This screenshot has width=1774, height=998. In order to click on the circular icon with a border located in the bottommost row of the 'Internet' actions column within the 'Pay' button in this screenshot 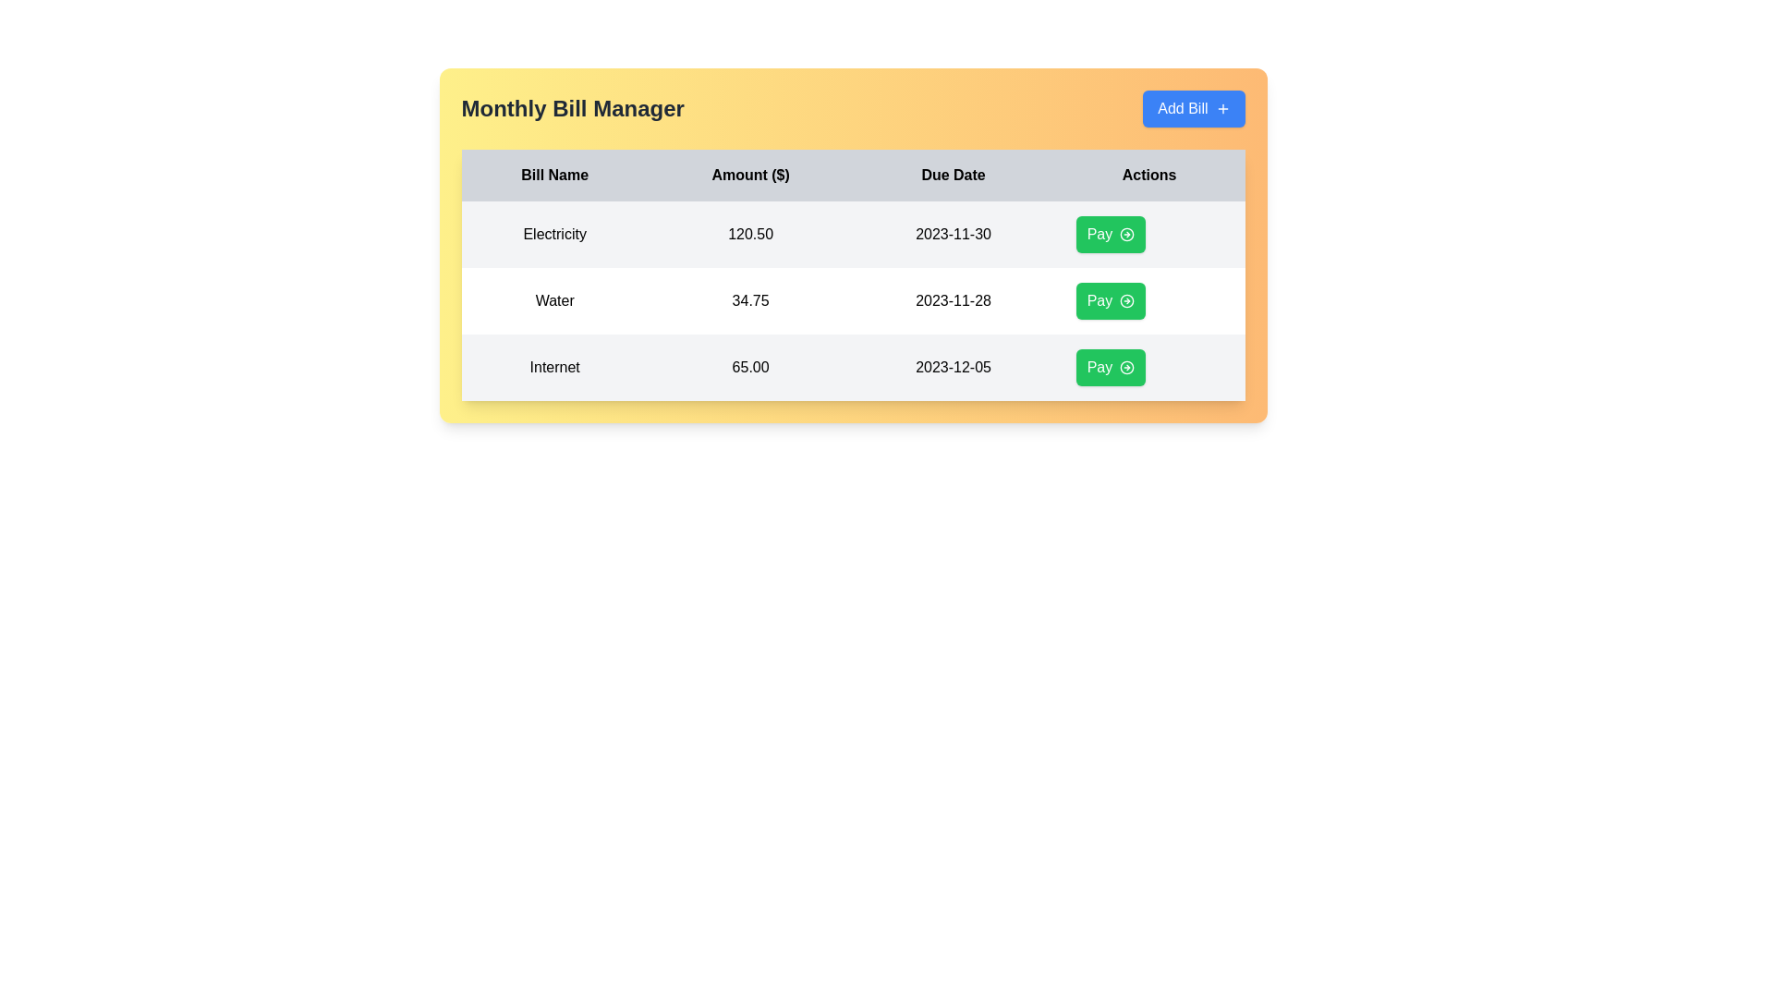, I will do `click(1125, 367)`.